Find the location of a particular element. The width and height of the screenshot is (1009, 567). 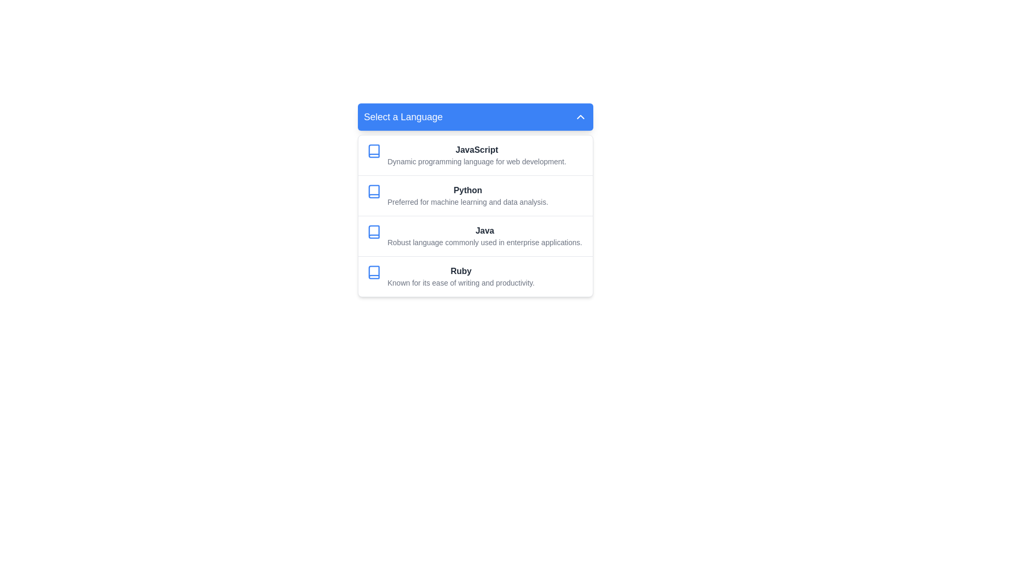

the third list item under the title 'Select a Language', which provides information about the 'Java' programming language is located at coordinates (475, 215).